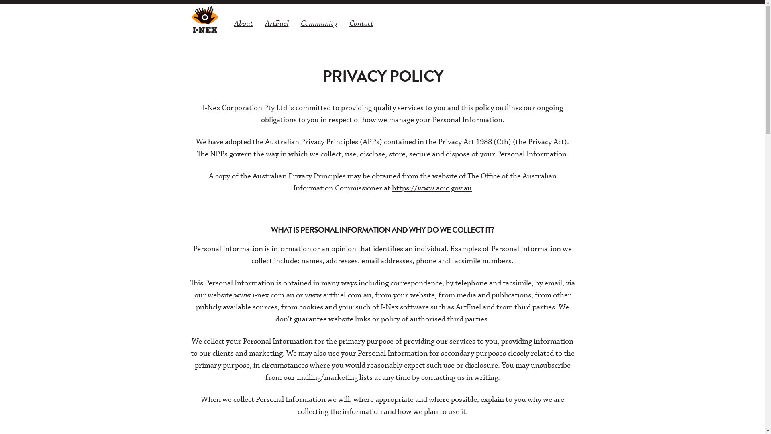 This screenshot has height=434, width=771. I want to click on 'ArtFuel', so click(276, 23).